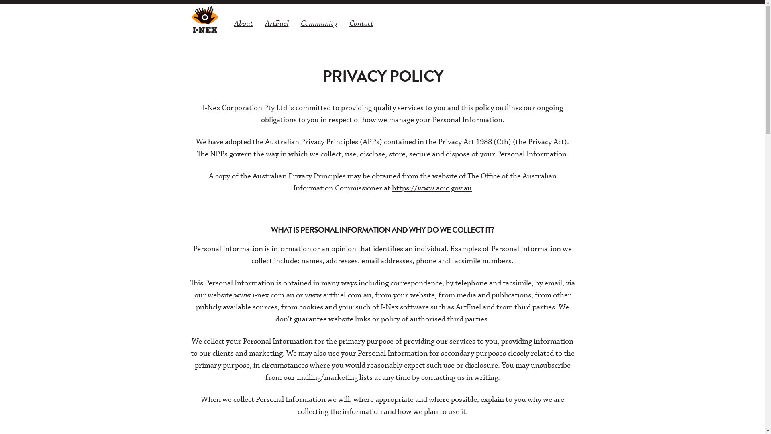 This screenshot has height=434, width=771. I want to click on 'ArtFuel', so click(276, 23).